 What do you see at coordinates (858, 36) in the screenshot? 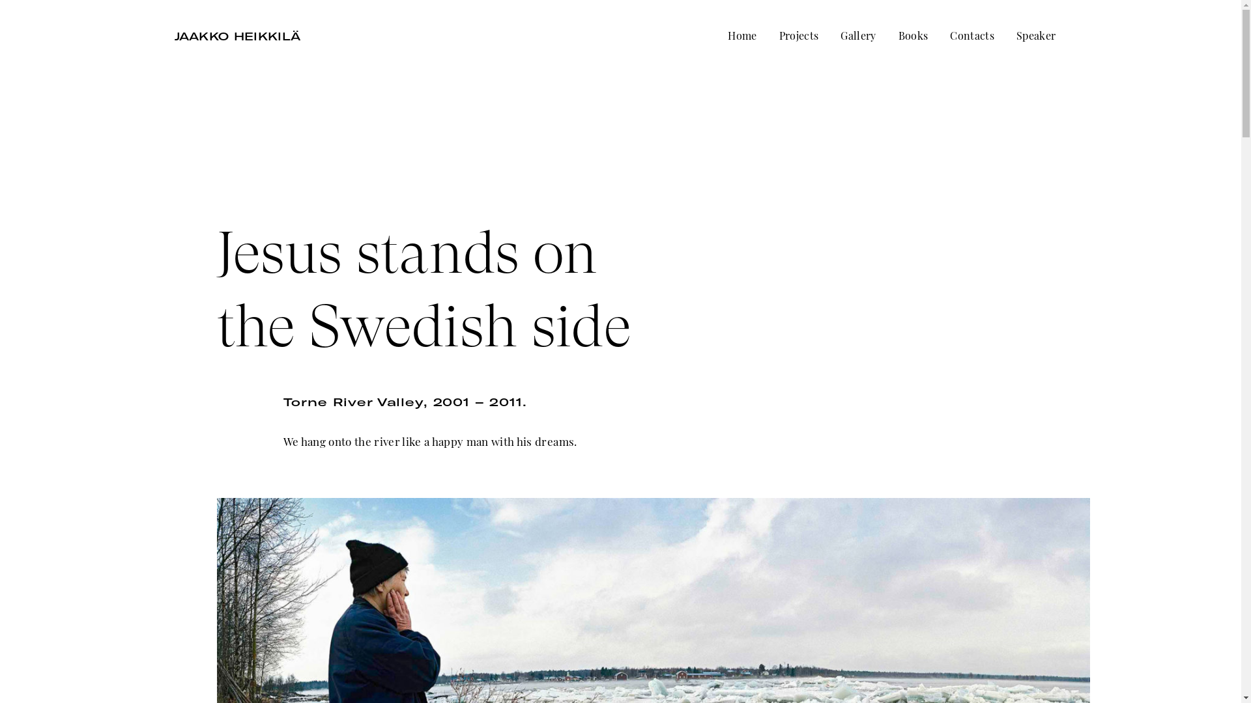
I see `'Gallery'` at bounding box center [858, 36].